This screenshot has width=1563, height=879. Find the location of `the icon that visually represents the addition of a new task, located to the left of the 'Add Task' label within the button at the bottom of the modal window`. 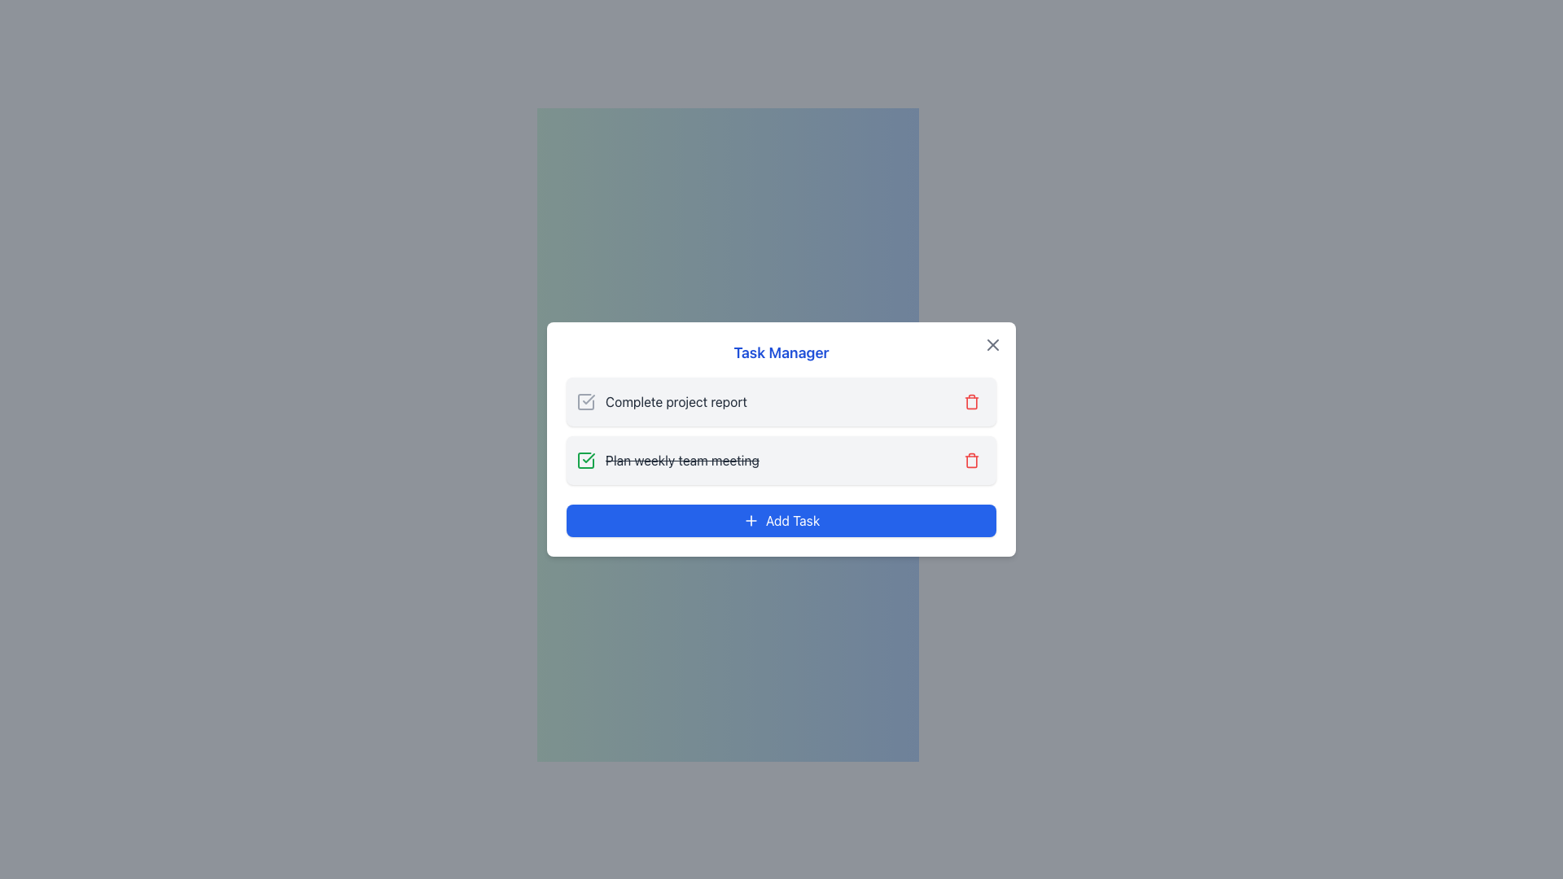

the icon that visually represents the addition of a new task, located to the left of the 'Add Task' label within the button at the bottom of the modal window is located at coordinates (750, 521).